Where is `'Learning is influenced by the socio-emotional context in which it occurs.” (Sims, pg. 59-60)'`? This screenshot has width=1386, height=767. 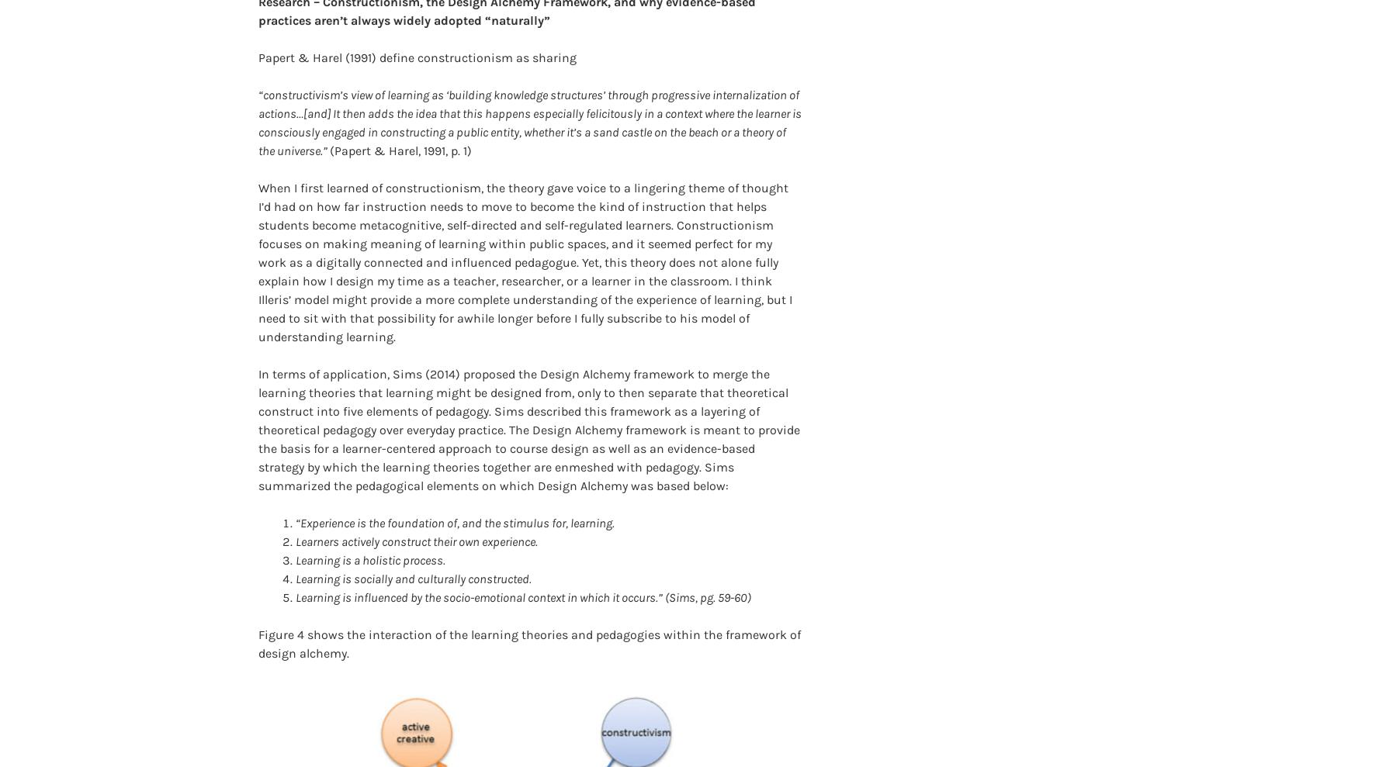
'Learning is influenced by the socio-emotional context in which it occurs.” (Sims, pg. 59-60)' is located at coordinates (295, 572).